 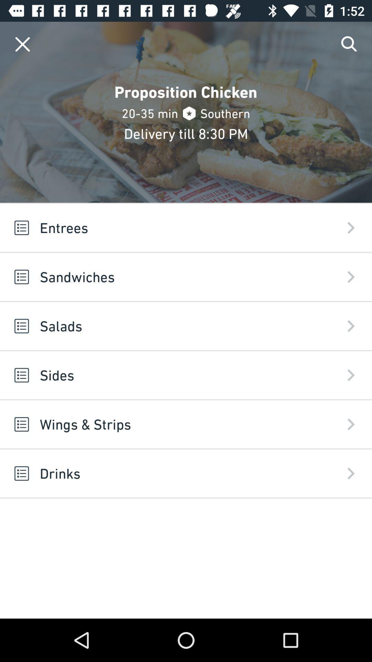 I want to click on item at the top right corner, so click(x=349, y=44).